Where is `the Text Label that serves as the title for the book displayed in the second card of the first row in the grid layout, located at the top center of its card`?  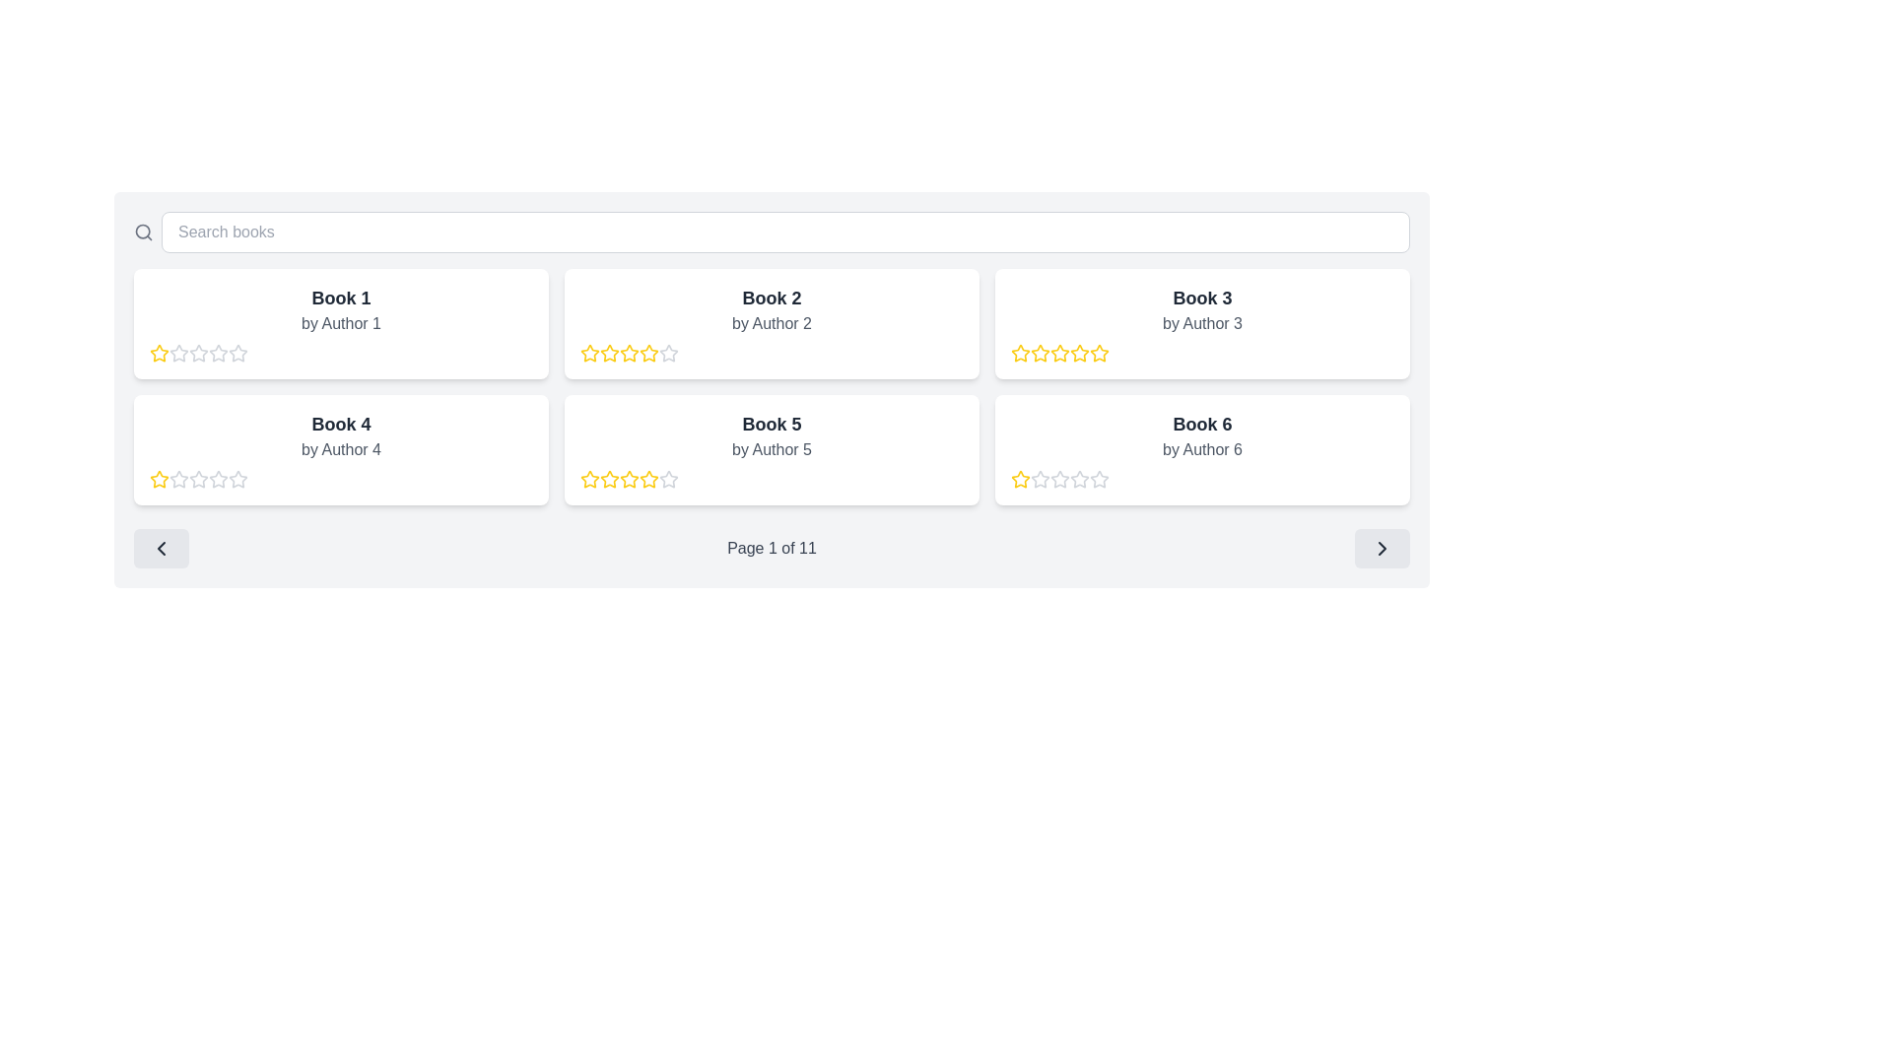
the Text Label that serves as the title for the book displayed in the second card of the first row in the grid layout, located at the top center of its card is located at coordinates (771, 299).